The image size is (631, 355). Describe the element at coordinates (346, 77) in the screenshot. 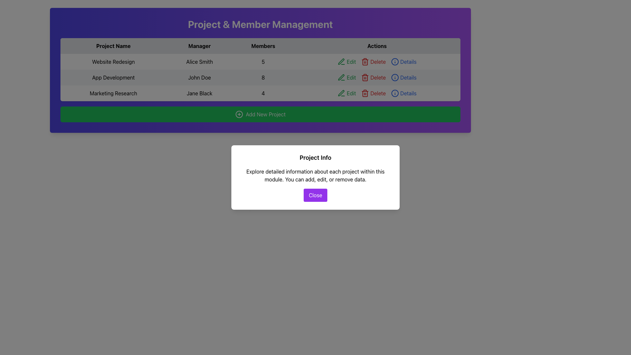

I see `the green 'Edit' button next to the pen icon in the 'Actions' column of the second row of the 'Project & Member Management' table for the 'App Development' project managed by 'John Doe'` at that location.